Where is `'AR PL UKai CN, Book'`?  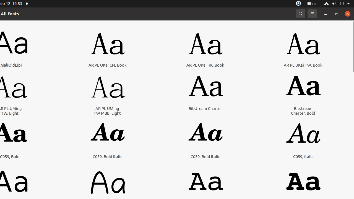 'AR PL UKai CN, Book' is located at coordinates (107, 65).